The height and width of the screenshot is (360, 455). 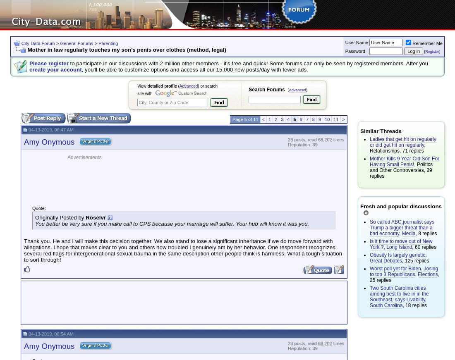 I want to click on 'User Name', so click(x=356, y=41).